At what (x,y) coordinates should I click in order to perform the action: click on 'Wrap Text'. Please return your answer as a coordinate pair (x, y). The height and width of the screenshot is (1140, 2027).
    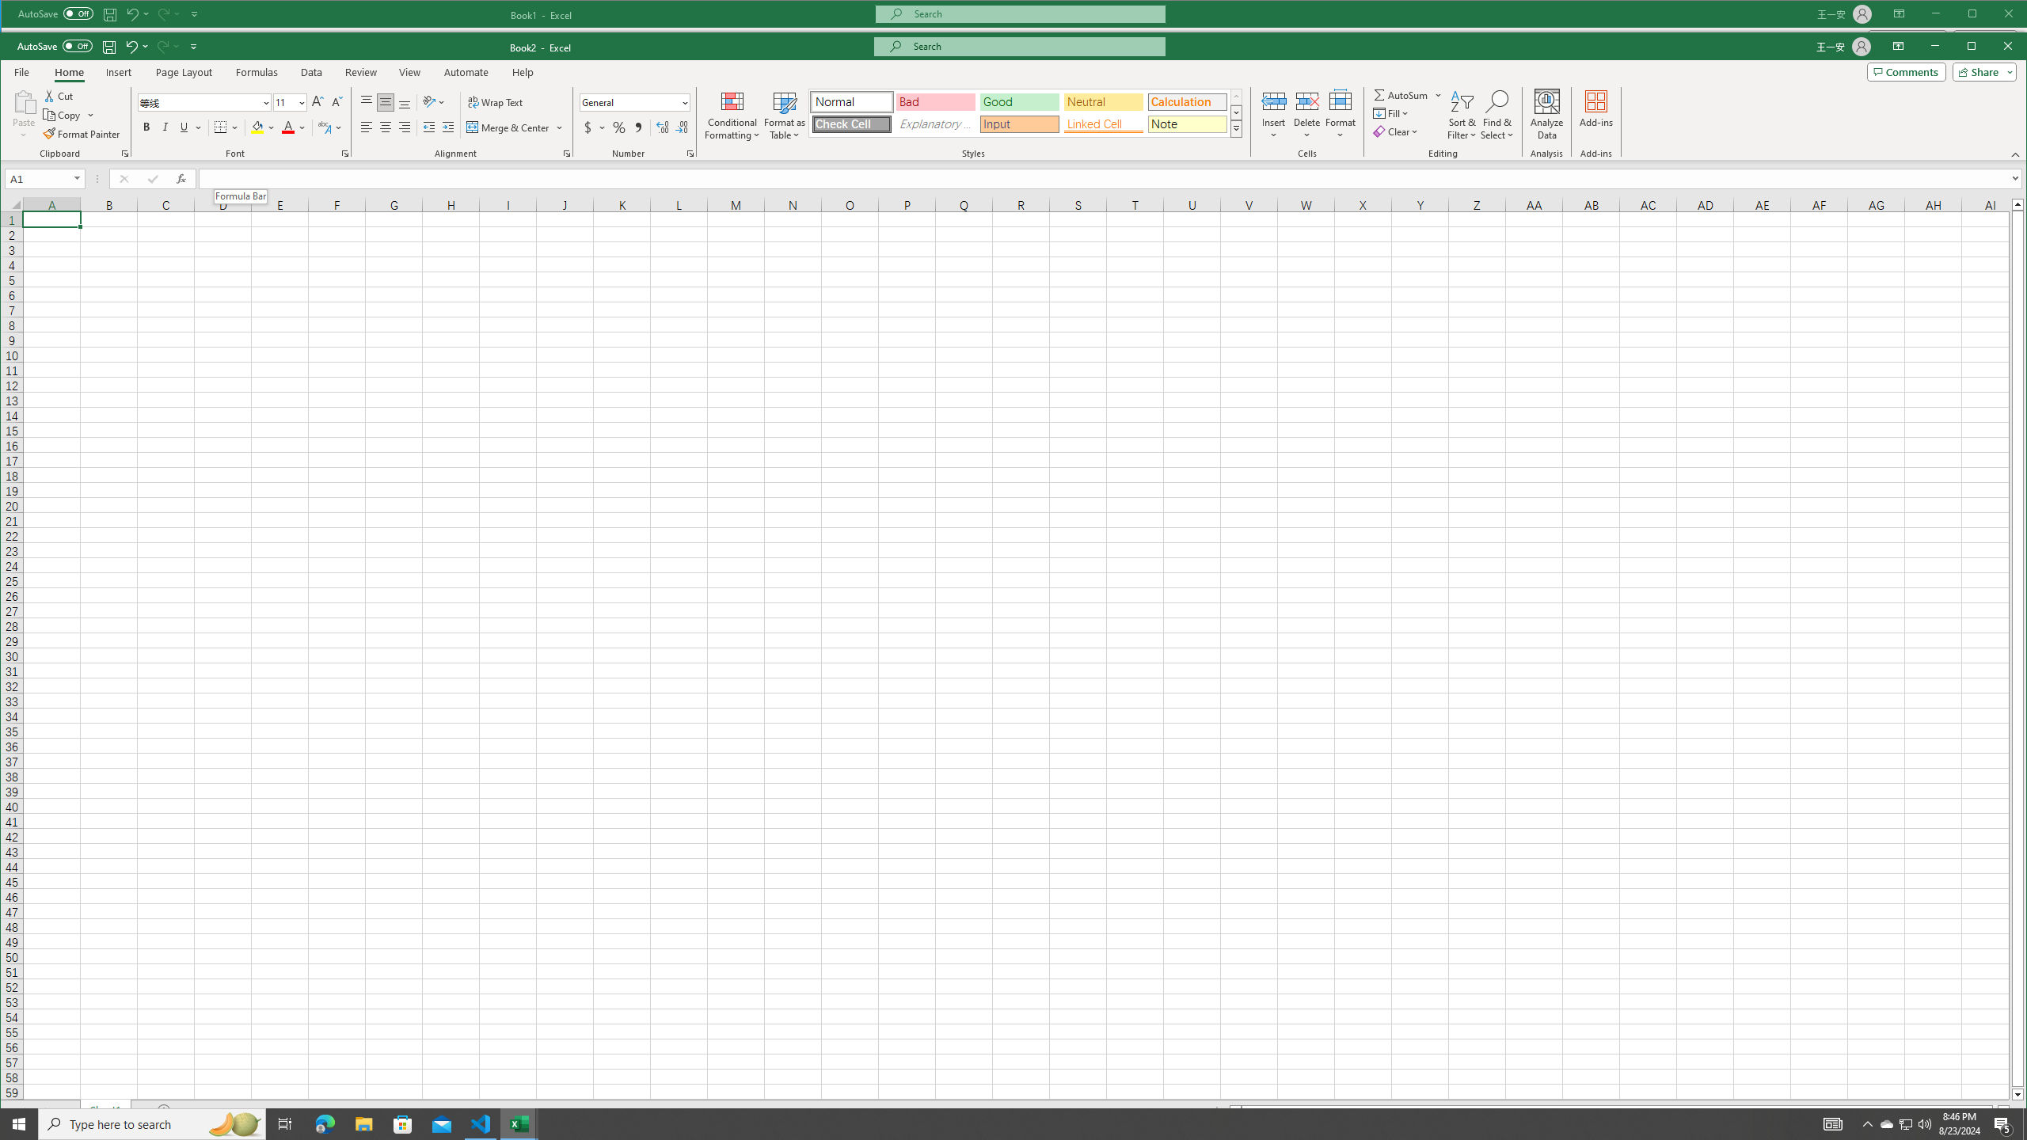
    Looking at the image, I should click on (496, 102).